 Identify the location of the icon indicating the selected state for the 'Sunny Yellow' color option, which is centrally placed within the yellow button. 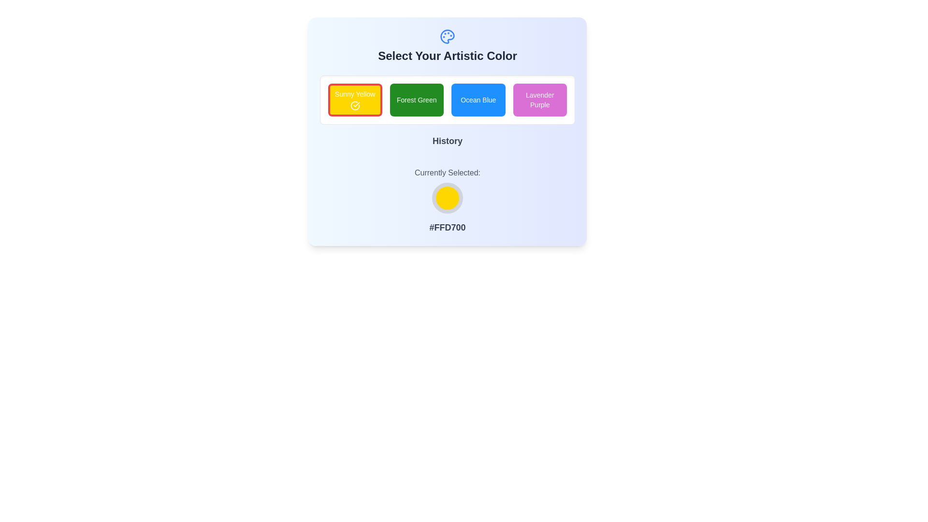
(354, 106).